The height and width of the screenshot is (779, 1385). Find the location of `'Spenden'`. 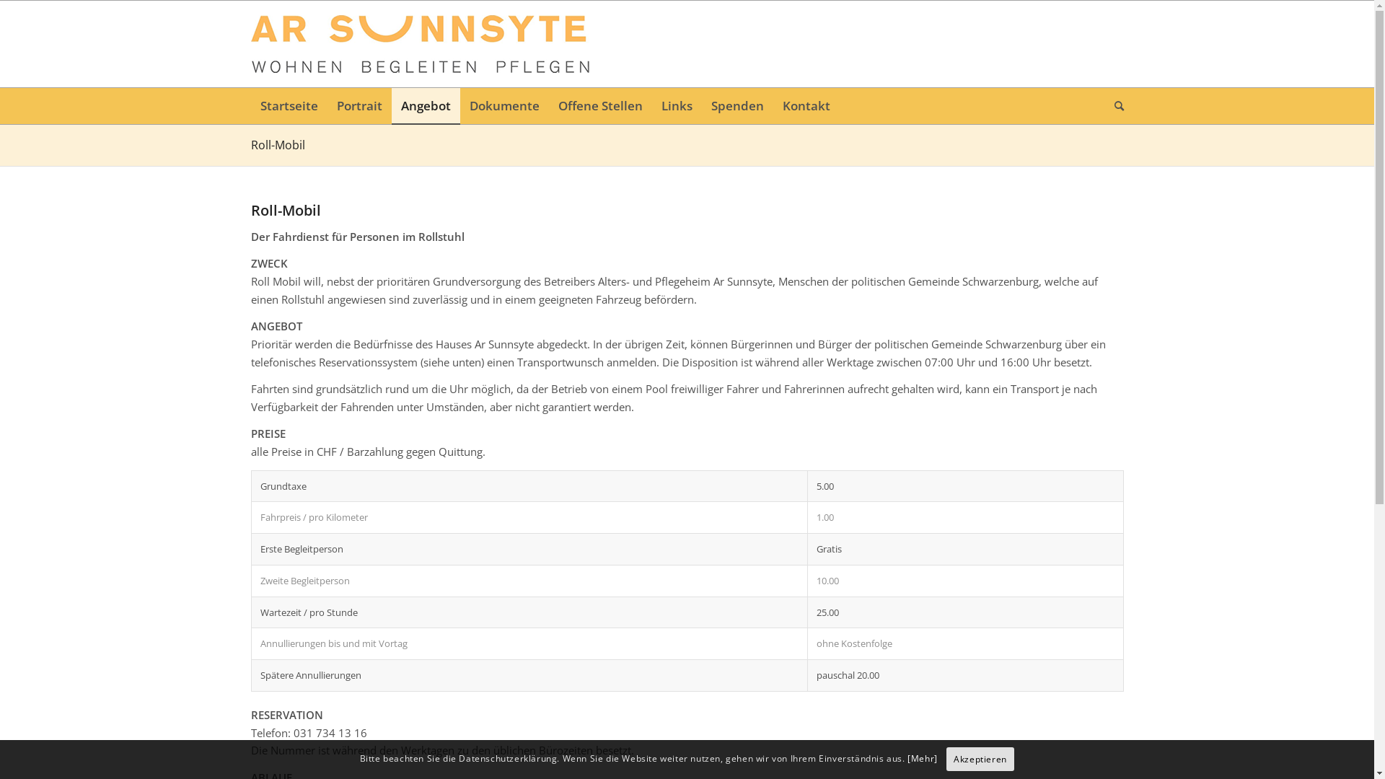

'Spenden' is located at coordinates (737, 105).